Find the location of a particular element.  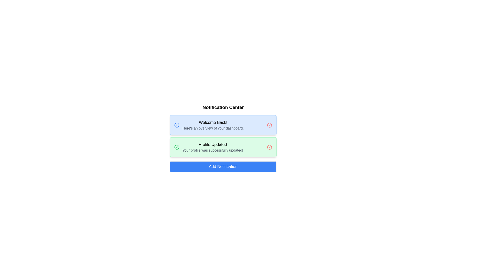

the circular icon with a blue stroke that encloses a small white-filled circle, located at the leftmost point of the top notification item in the Notification Center, preceding the text 'Welcome Back!' is located at coordinates (177, 125).